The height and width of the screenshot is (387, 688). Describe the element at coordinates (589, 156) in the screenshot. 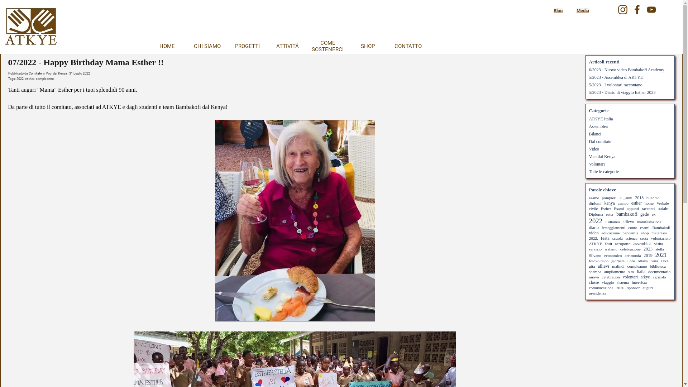

I see `'Voci dal Kenya'` at that location.